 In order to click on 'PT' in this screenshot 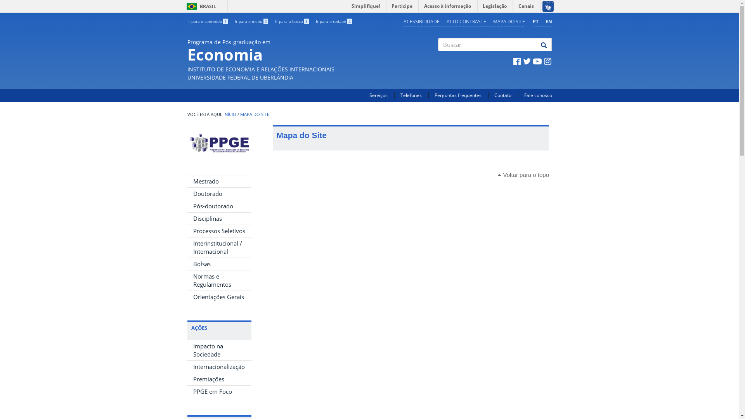, I will do `click(535, 21)`.